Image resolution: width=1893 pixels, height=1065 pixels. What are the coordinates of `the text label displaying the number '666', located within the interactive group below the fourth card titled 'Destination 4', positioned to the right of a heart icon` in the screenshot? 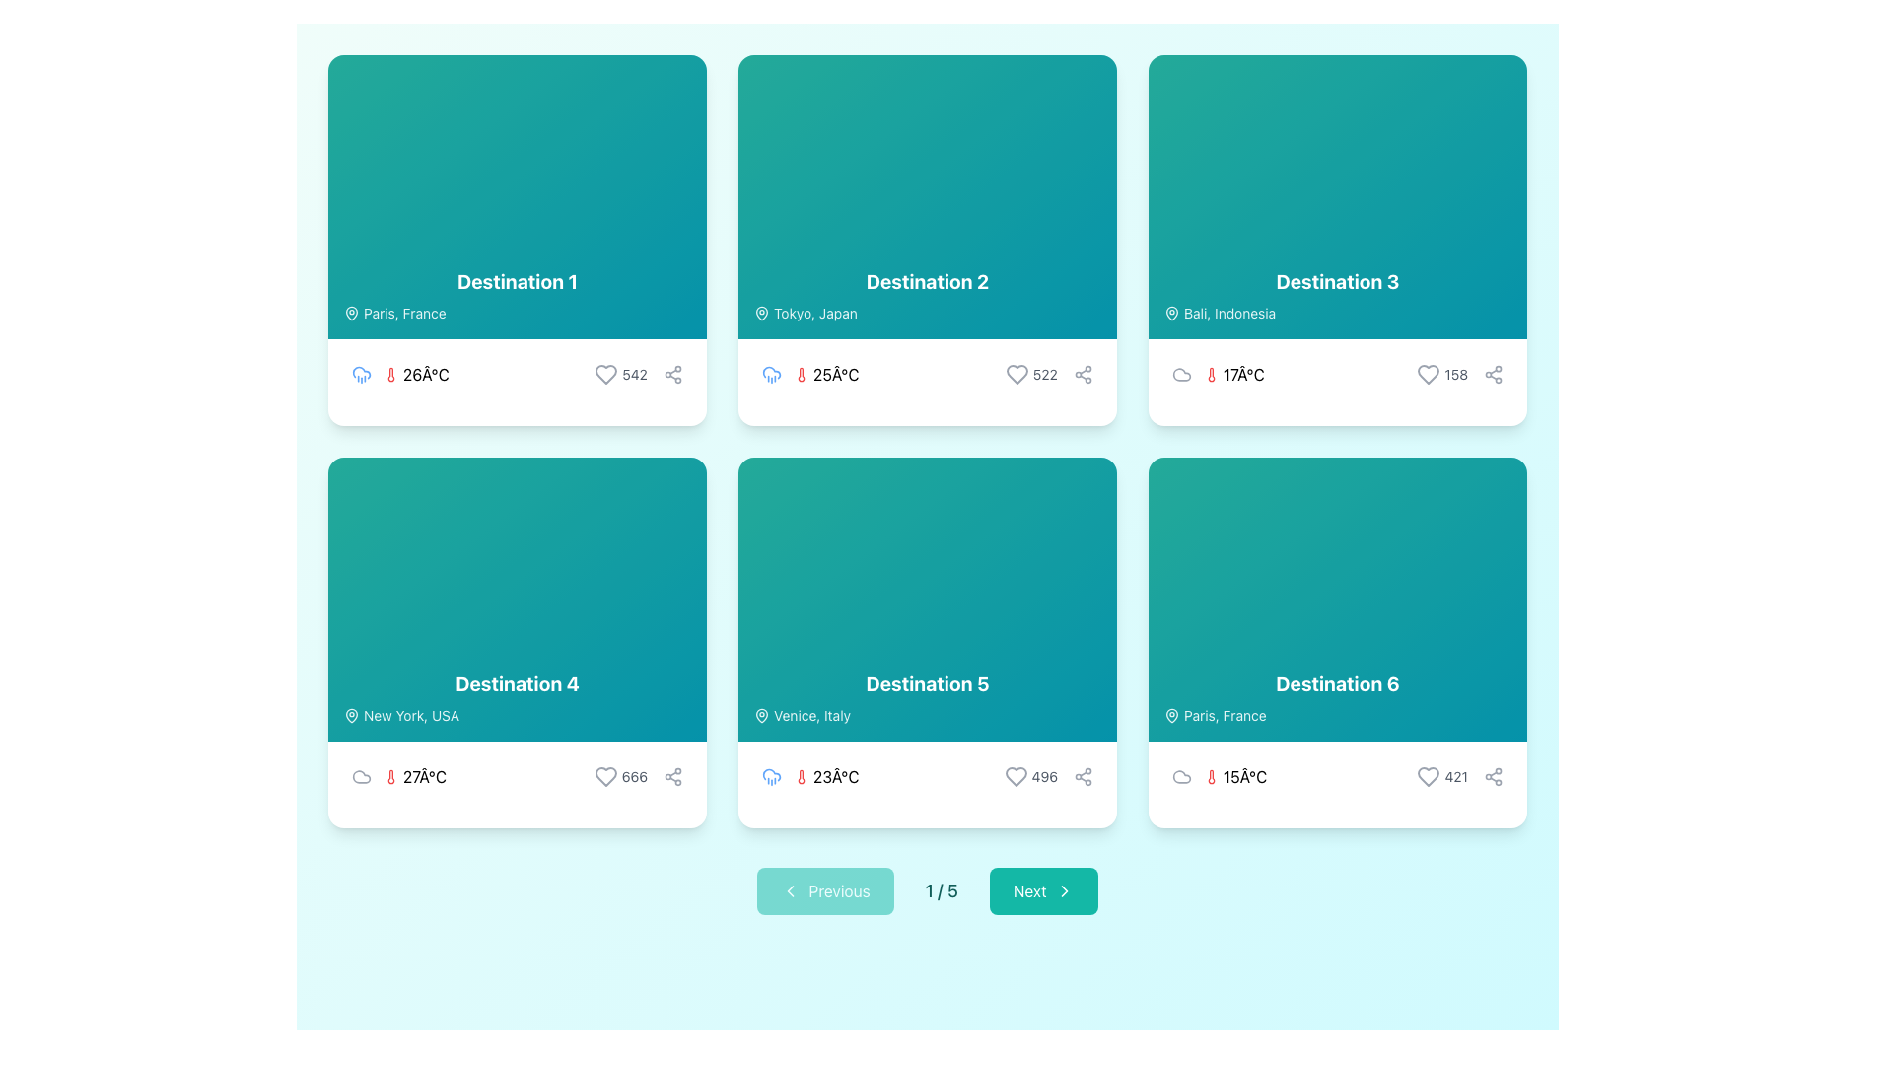 It's located at (634, 775).